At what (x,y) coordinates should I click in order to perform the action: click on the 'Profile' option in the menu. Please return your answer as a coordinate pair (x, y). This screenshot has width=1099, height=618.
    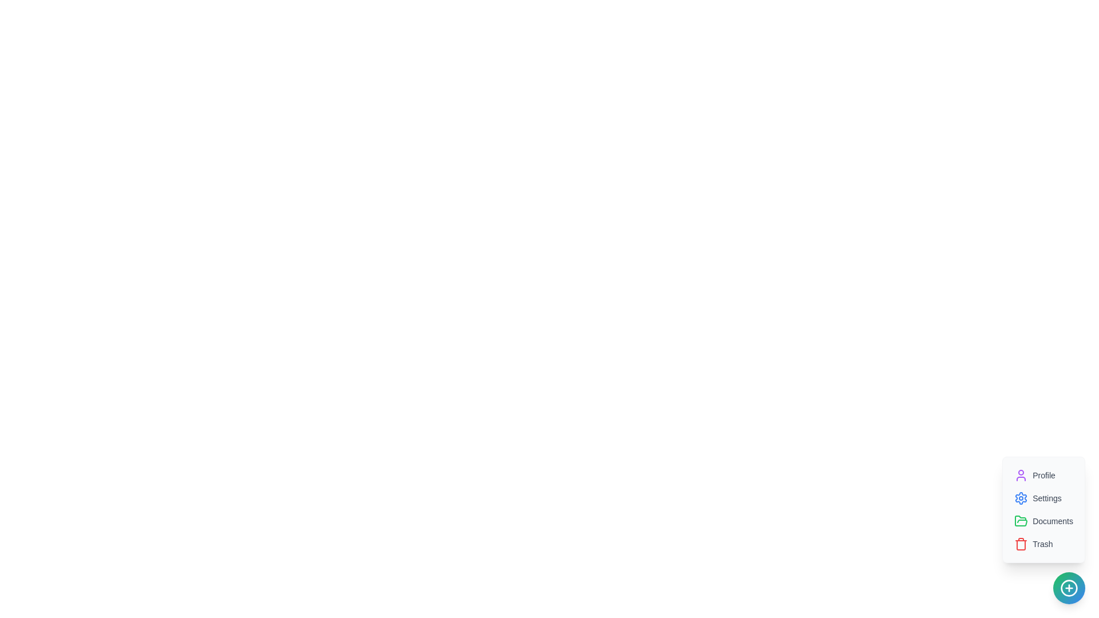
    Looking at the image, I should click on (1035, 475).